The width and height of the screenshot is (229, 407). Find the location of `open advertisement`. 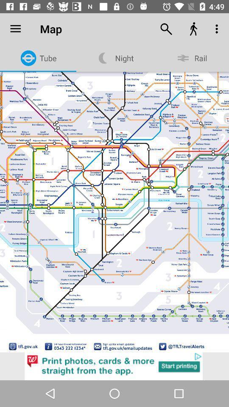

open advertisement is located at coordinates (114, 366).